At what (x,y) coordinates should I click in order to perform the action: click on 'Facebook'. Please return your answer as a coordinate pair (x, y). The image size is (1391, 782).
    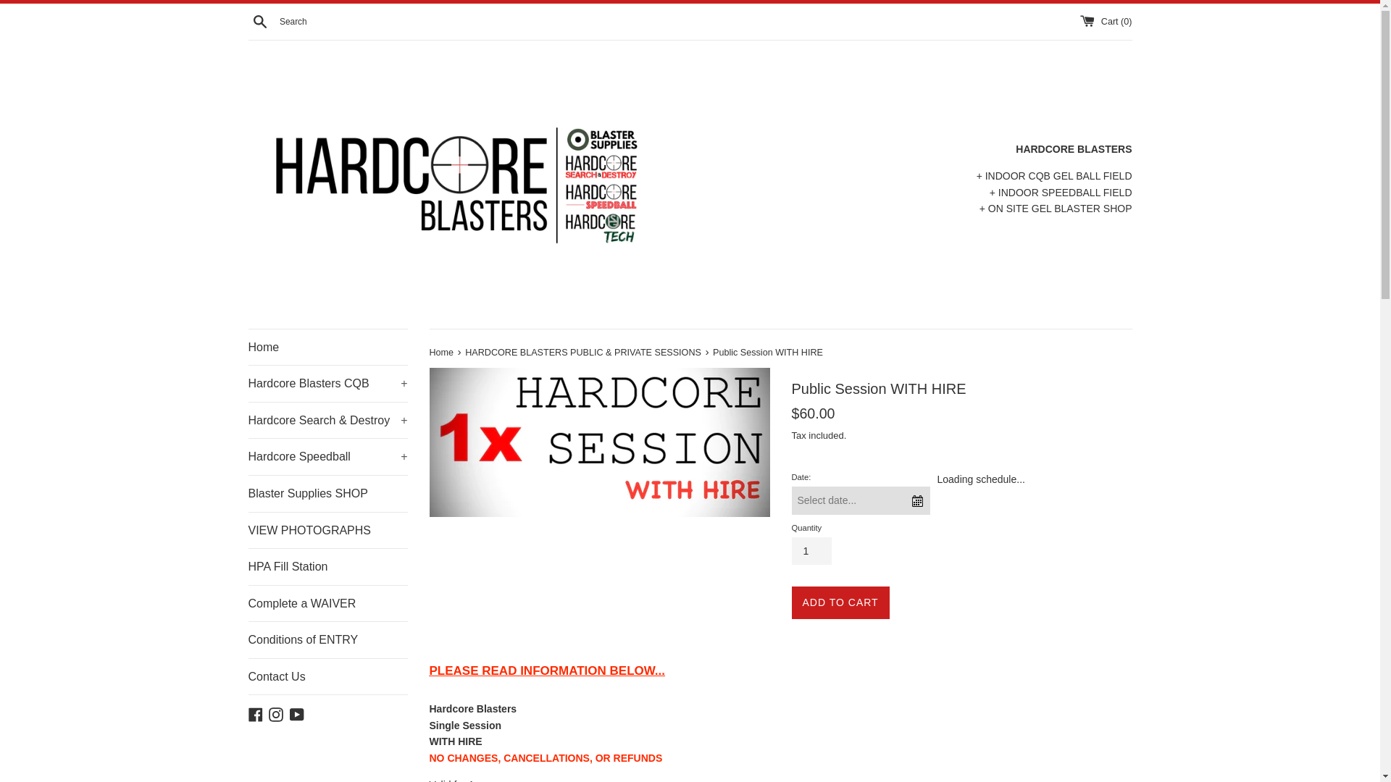
    Looking at the image, I should click on (254, 712).